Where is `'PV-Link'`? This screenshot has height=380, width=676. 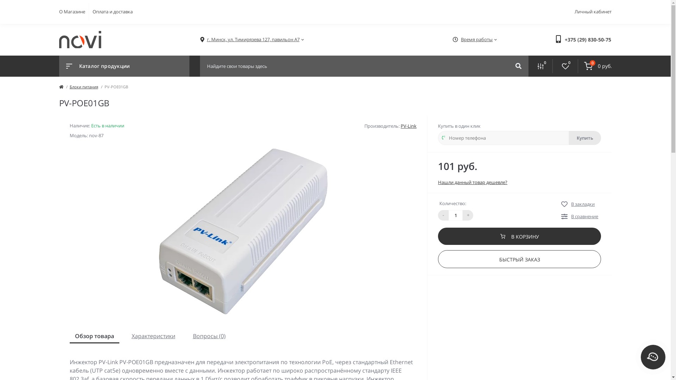 'PV-Link' is located at coordinates (408, 125).